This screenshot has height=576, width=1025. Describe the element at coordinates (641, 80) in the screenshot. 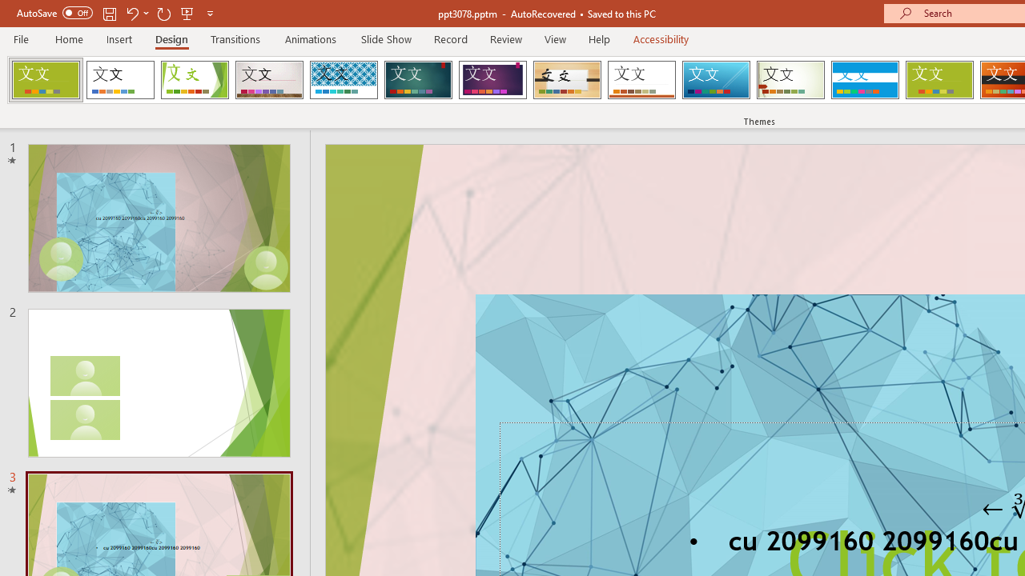

I see `'Retrospect'` at that location.